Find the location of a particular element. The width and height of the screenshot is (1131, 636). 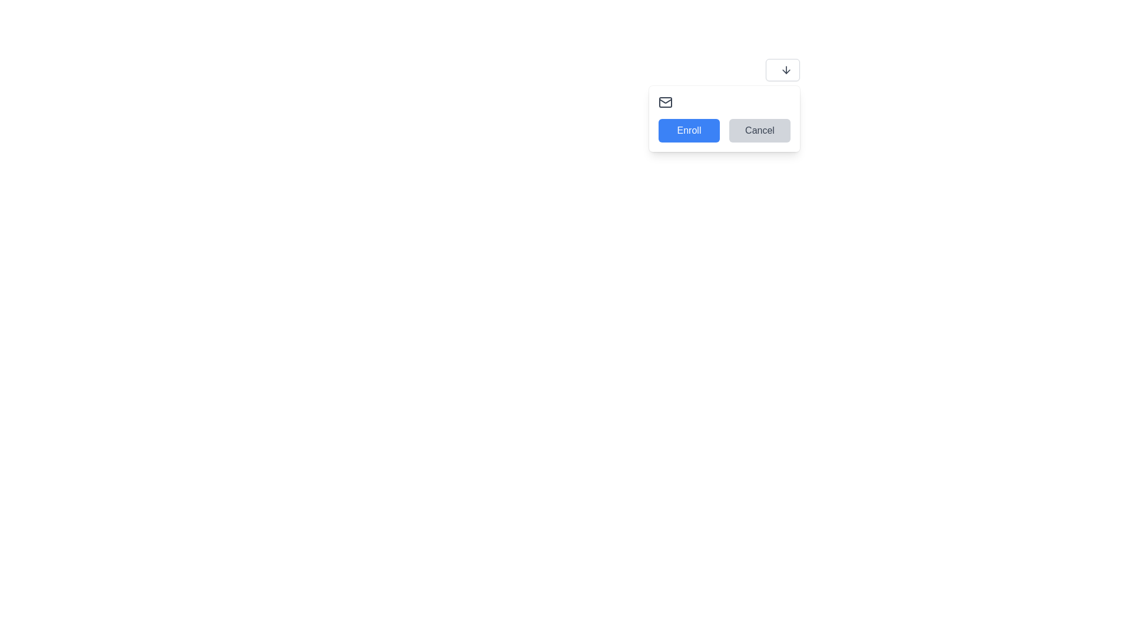

the SVG icon representing email communication located at the top-left corner of the popup, before the buttons labeled 'Enroll' and 'Cancel' is located at coordinates (665, 101).